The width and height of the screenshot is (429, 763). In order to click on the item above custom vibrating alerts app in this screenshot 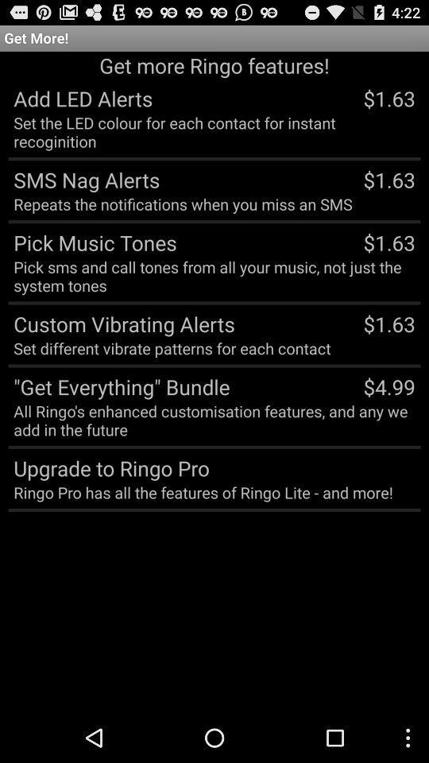, I will do `click(214, 276)`.